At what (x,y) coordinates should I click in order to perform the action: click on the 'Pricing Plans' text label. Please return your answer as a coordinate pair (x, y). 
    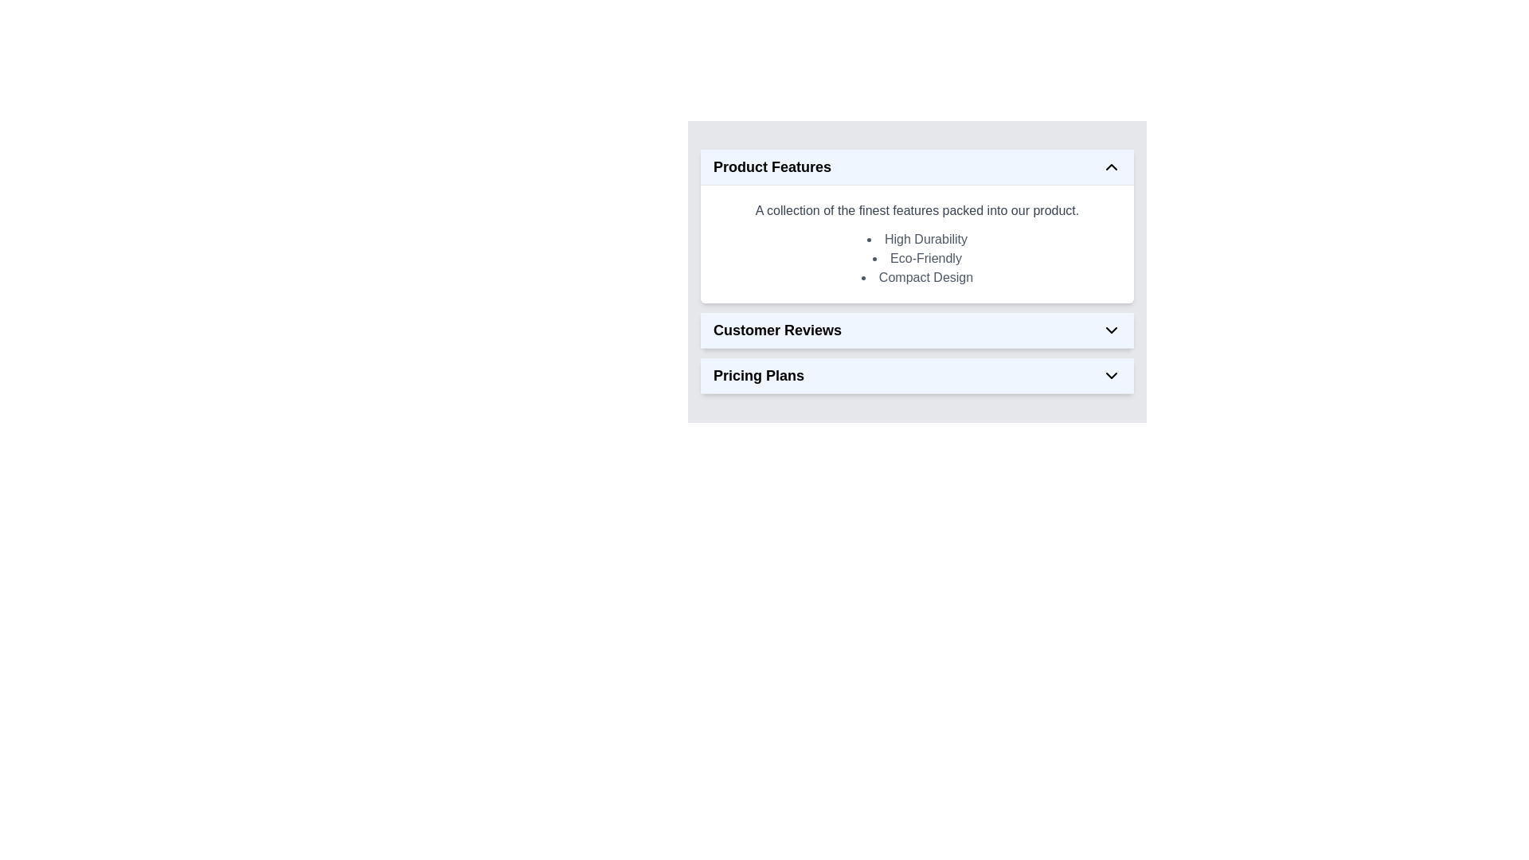
    Looking at the image, I should click on (758, 375).